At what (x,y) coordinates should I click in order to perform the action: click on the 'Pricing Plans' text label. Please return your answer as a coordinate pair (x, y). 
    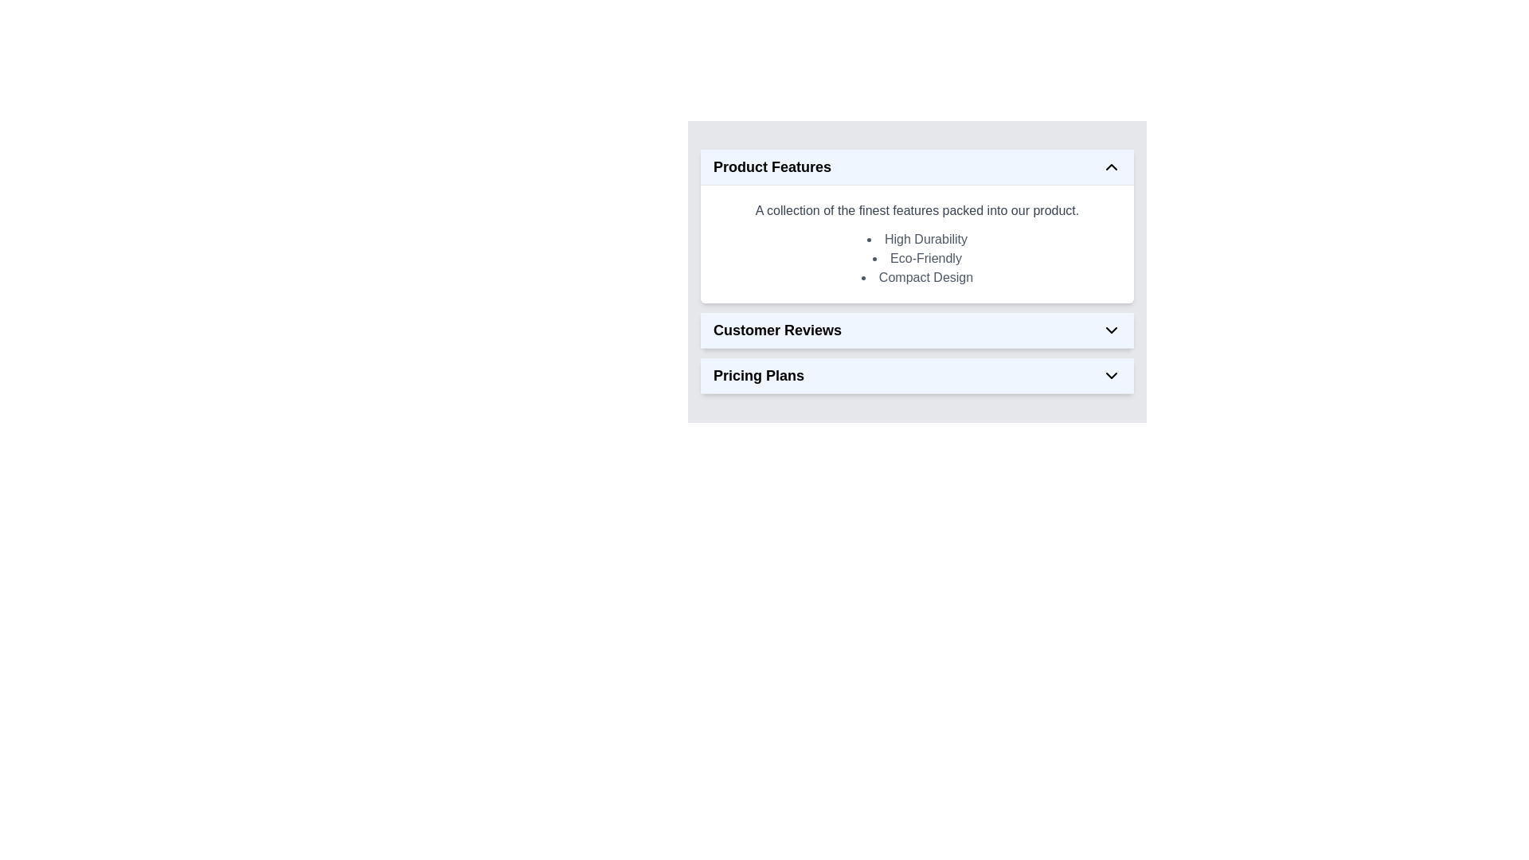
    Looking at the image, I should click on (758, 375).